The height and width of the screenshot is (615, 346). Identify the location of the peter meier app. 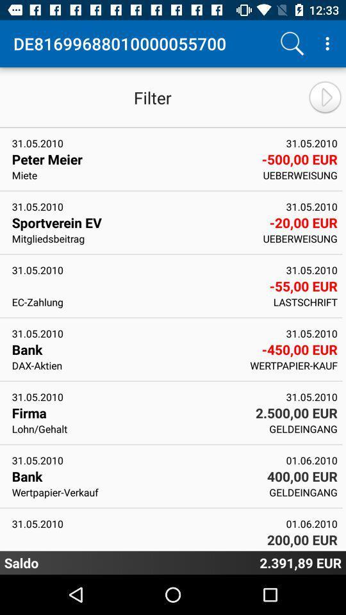
(132, 158).